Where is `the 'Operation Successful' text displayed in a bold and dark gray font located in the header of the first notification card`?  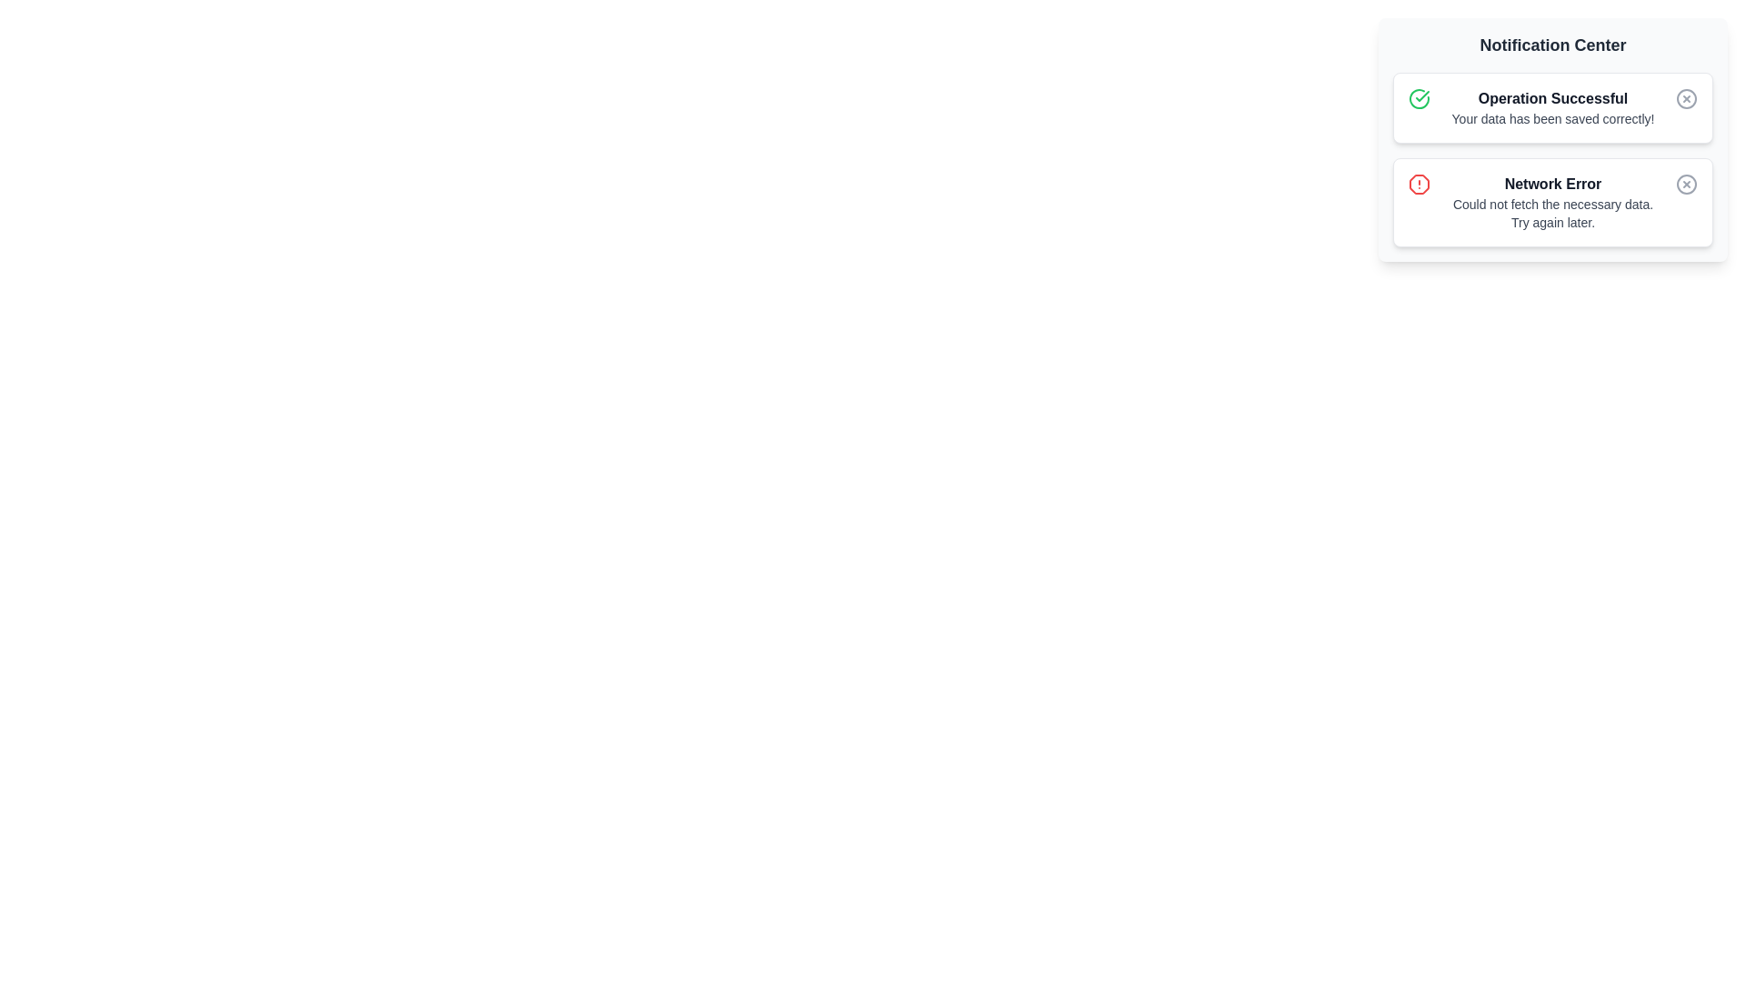
the 'Operation Successful' text displayed in a bold and dark gray font located in the header of the first notification card is located at coordinates (1552, 98).